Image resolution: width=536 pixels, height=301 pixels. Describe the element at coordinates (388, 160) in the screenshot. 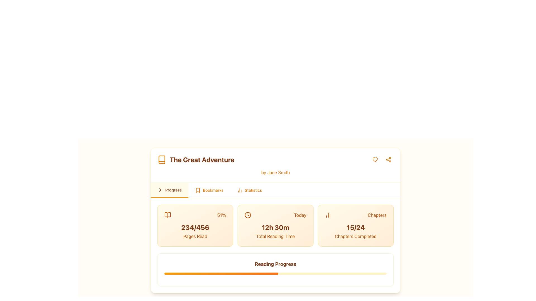

I see `the circular button with a light amber background containing a share icon on the right side of the heart-like icon in the top-right corner of 'The Great Adventure' section to share` at that location.